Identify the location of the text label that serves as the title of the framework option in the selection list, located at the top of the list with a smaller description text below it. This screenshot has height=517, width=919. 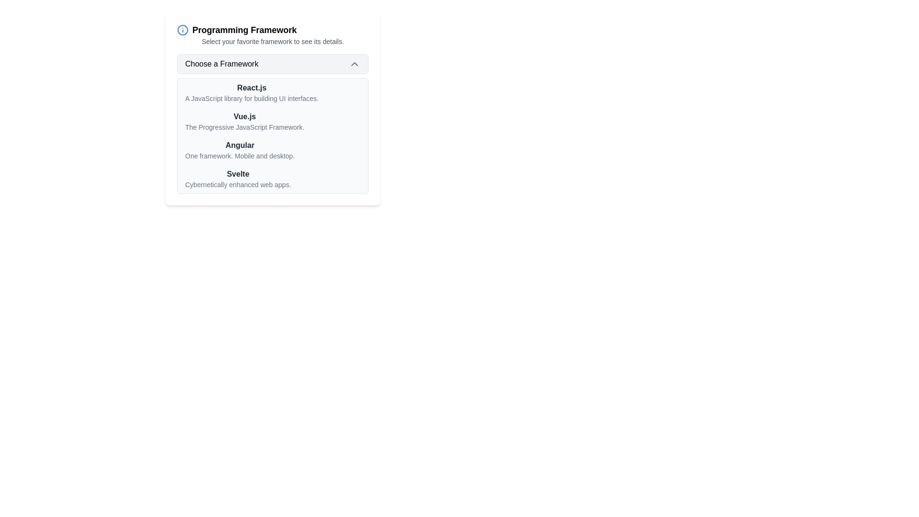
(252, 88).